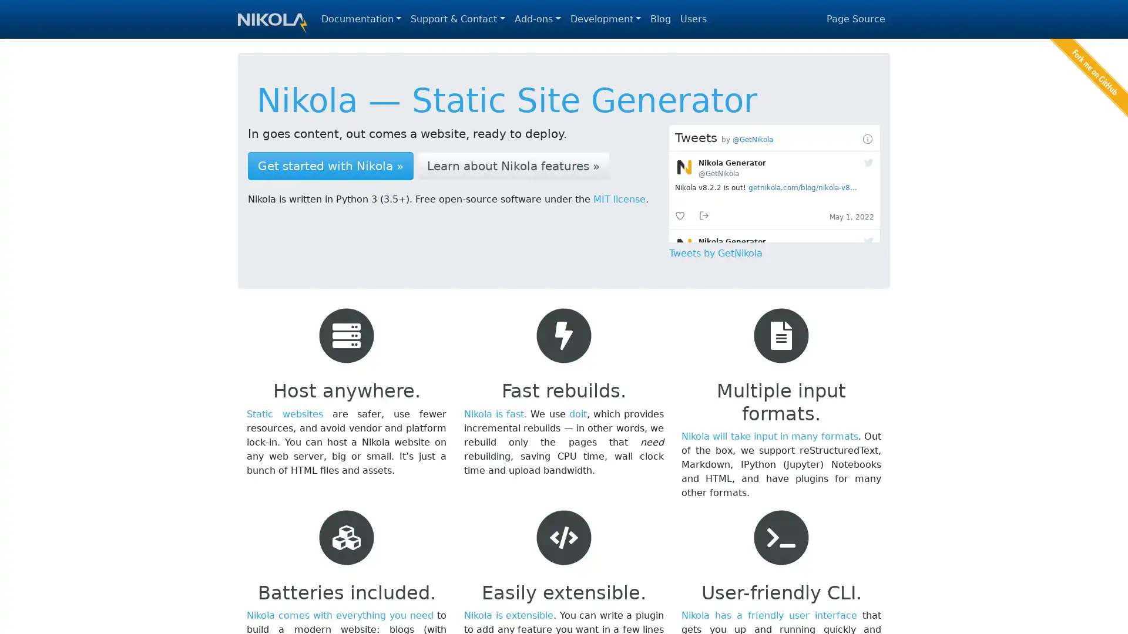  Describe the element at coordinates (330, 166) in the screenshot. I see `Get started with Nikola` at that location.